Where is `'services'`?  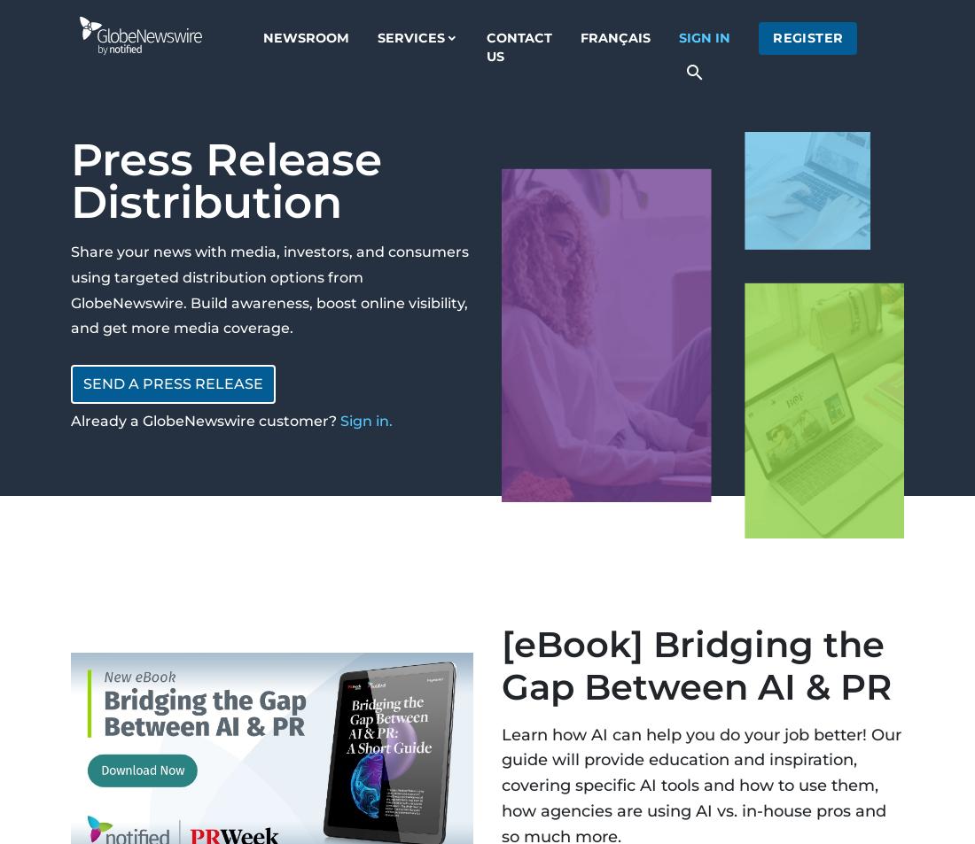
'services' is located at coordinates (409, 36).